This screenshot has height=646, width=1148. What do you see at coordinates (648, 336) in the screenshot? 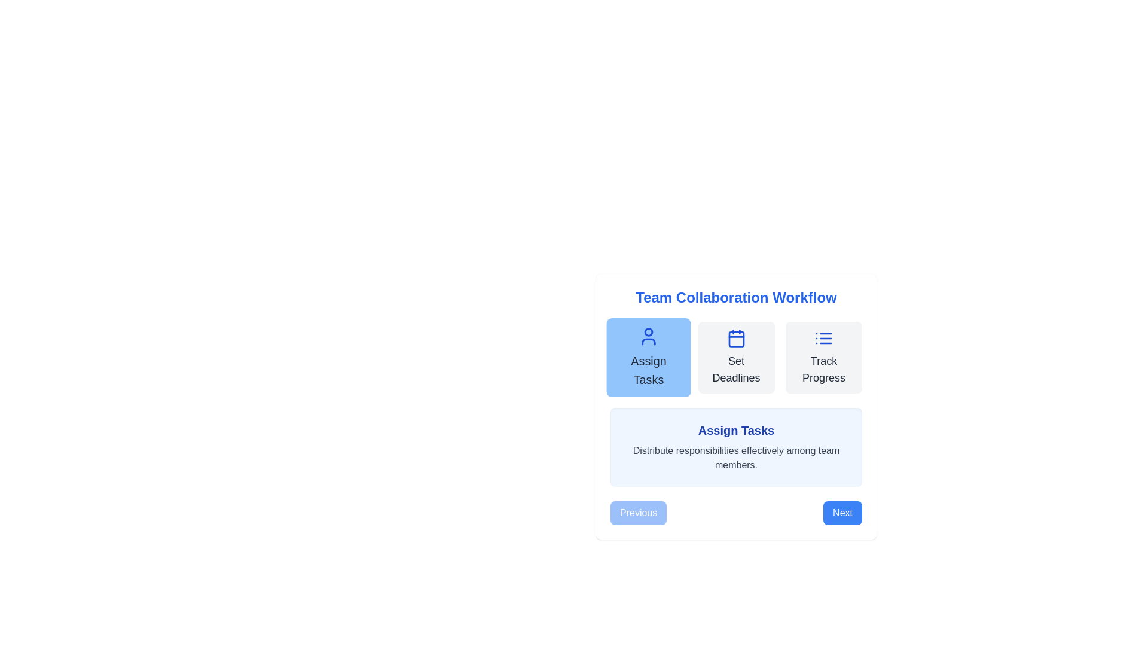
I see `the 'Assign Tasks' icon located at the center-top of the card labeled 'Assign Tasks'` at bounding box center [648, 336].